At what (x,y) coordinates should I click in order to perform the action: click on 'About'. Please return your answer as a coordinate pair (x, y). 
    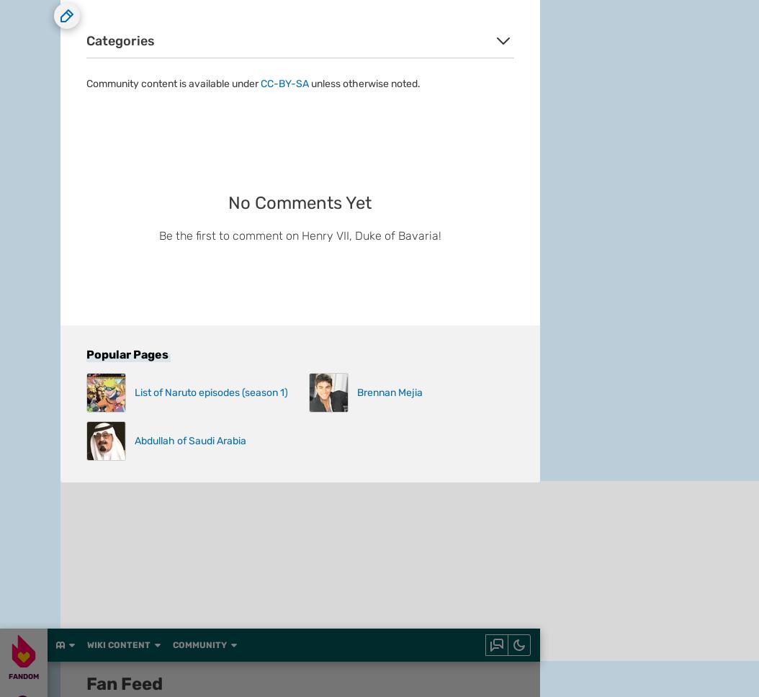
    Looking at the image, I should click on (60, 212).